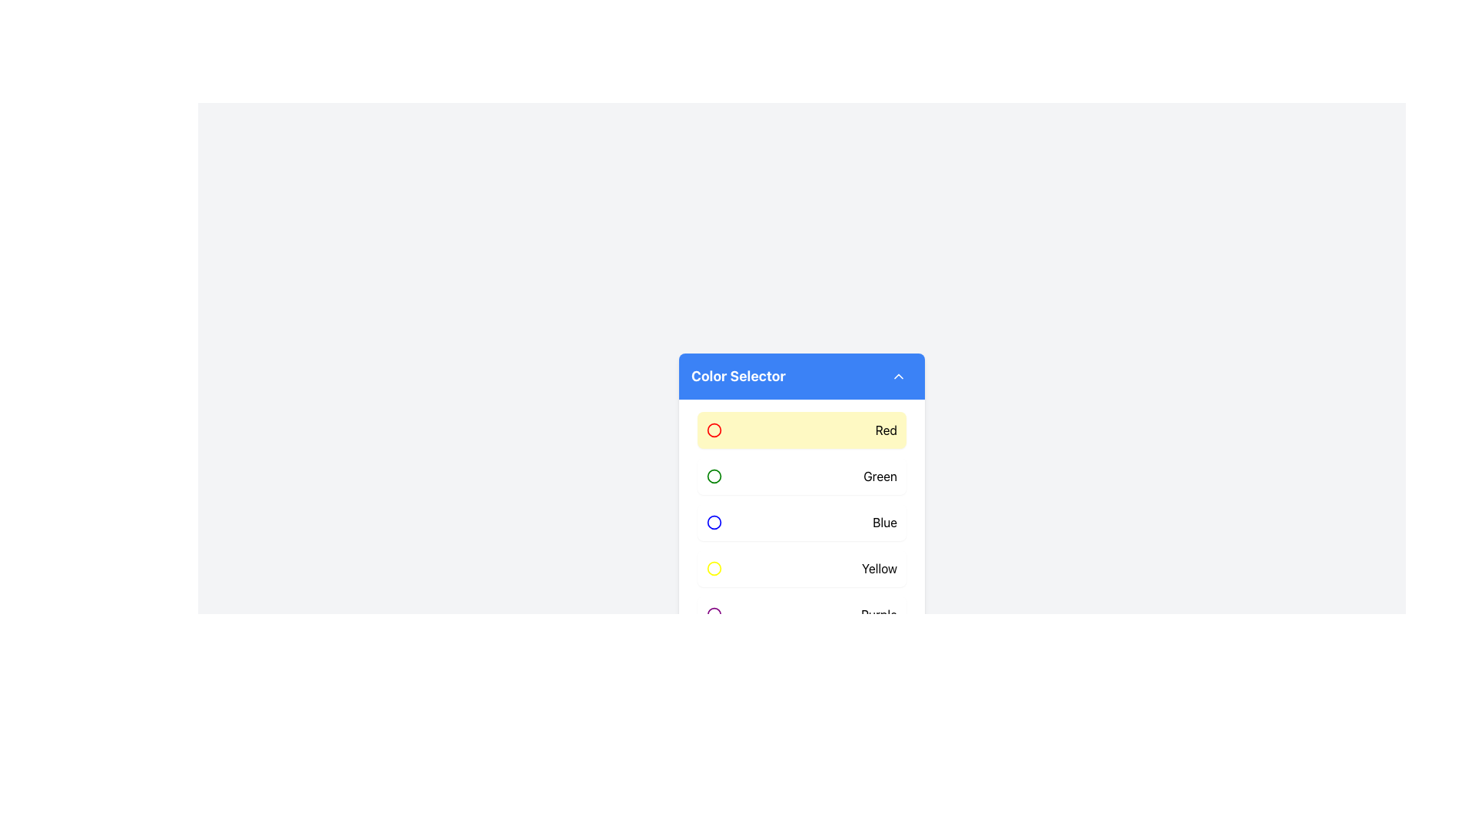  What do you see at coordinates (879, 569) in the screenshot?
I see `the text label displaying 'Yellow' in the color selector interface` at bounding box center [879, 569].